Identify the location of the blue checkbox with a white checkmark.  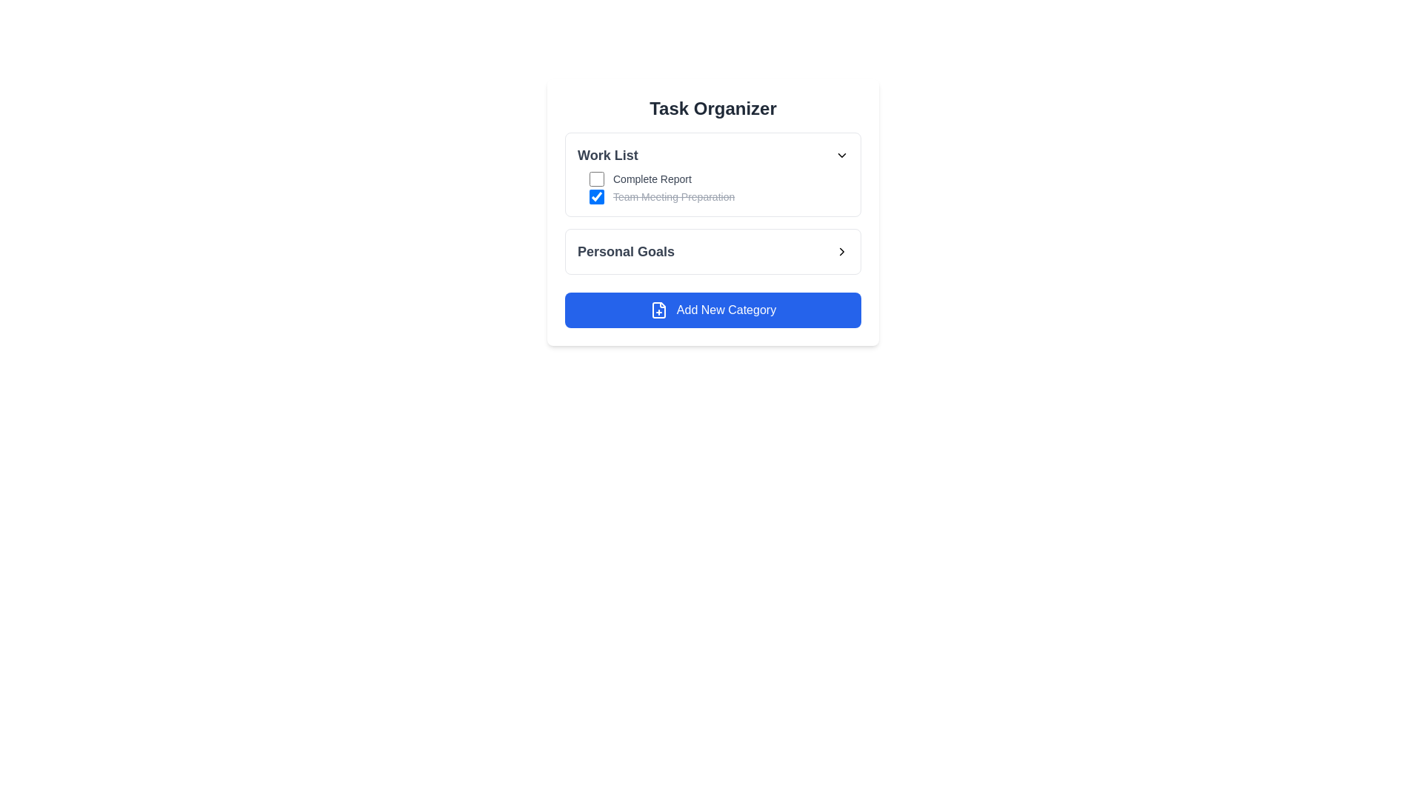
(597, 196).